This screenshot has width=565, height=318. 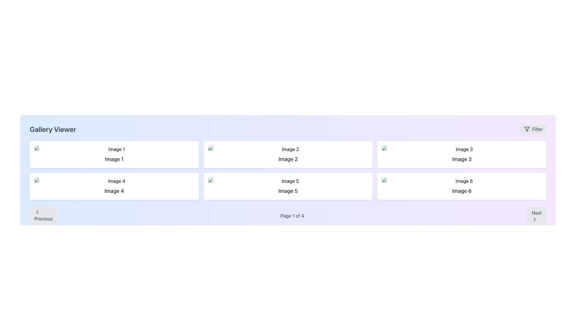 I want to click on the Card with image and text titled 'Image 5', which is a rectangular card with a white background and rounded corners, located in the second row and second column of the grid layout, so click(x=288, y=186).